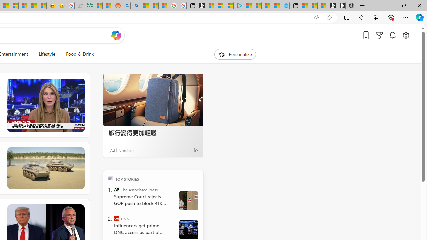 The height and width of the screenshot is (240, 427). I want to click on 'Play Free Online Games | Games from Microsoft Start', so click(341, 6).